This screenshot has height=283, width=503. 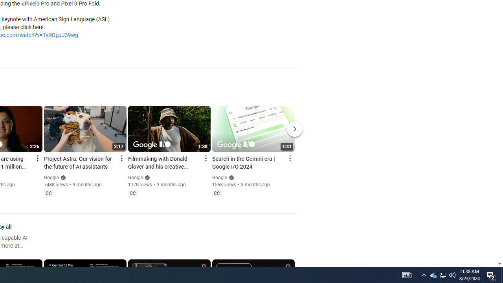 I want to click on '#Pixel9', so click(x=30, y=4).